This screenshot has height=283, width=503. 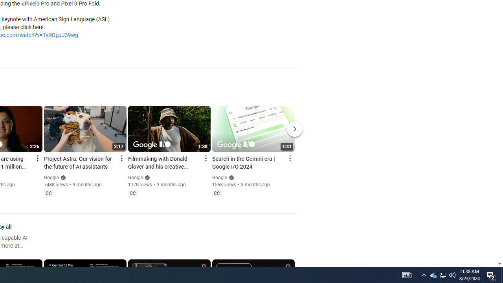 I want to click on '#Pixel9', so click(x=30, y=4).